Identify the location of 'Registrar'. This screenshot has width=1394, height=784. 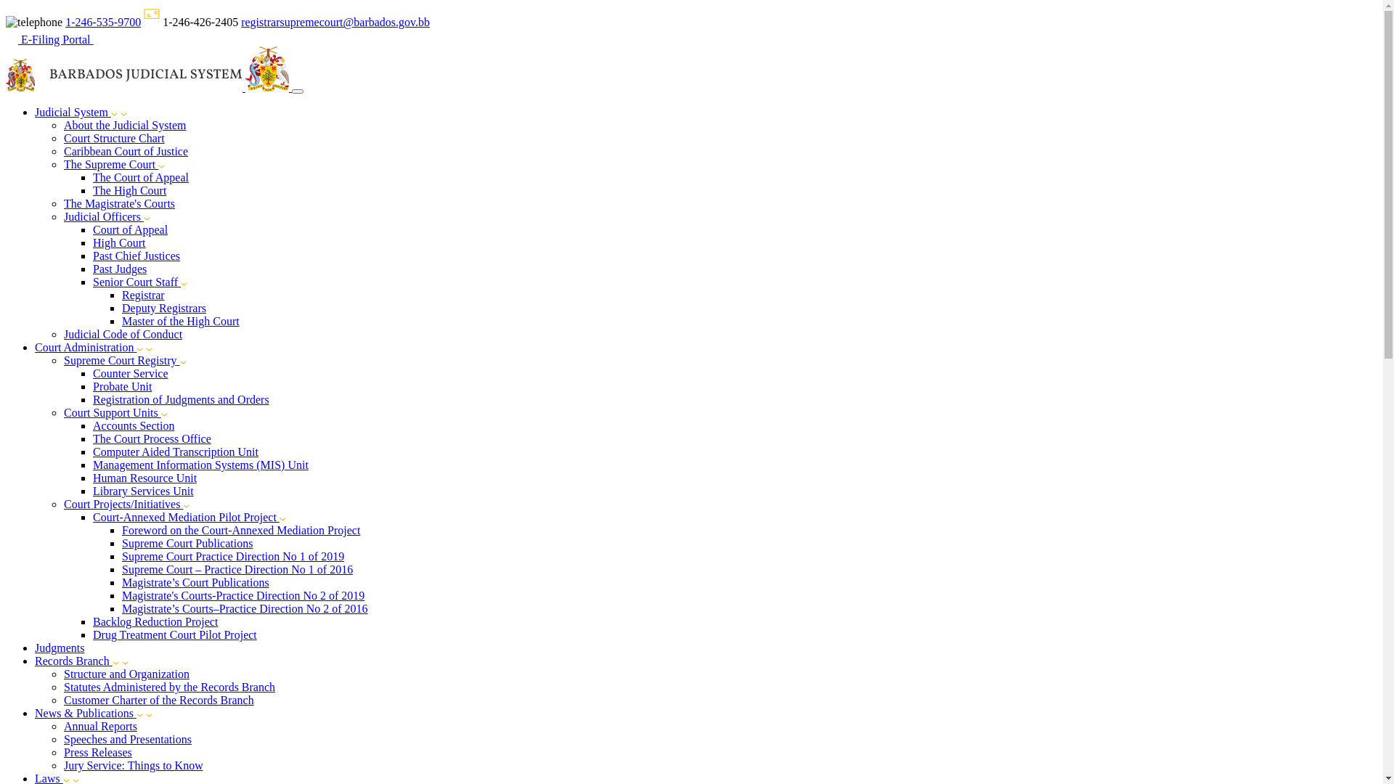
(122, 294).